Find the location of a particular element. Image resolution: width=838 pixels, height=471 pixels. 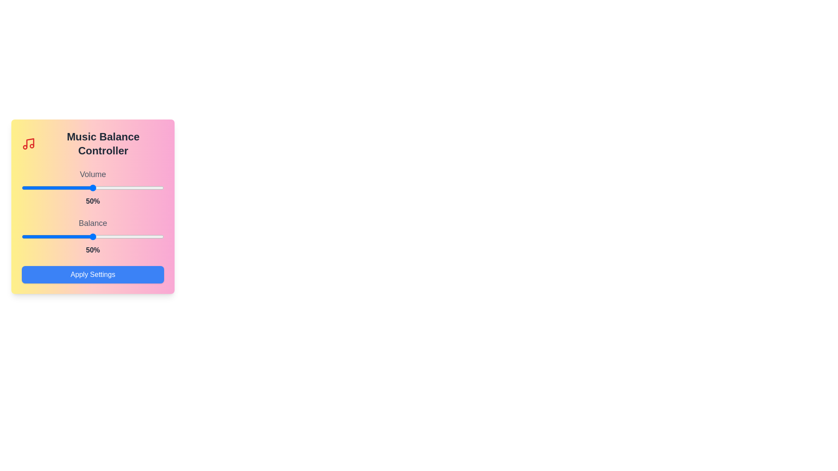

the balance slider to 92% is located at coordinates (152, 237).